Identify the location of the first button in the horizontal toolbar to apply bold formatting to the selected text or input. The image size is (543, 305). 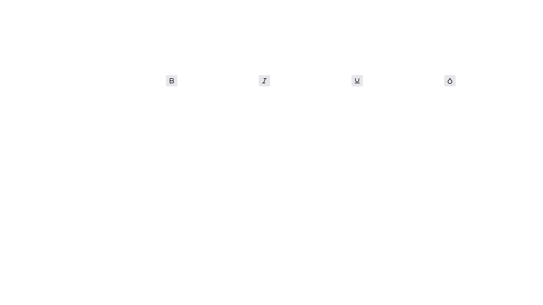
(171, 80).